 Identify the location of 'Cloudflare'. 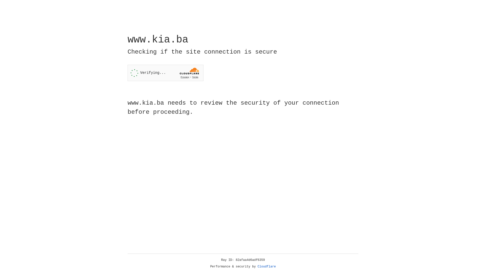
(267, 266).